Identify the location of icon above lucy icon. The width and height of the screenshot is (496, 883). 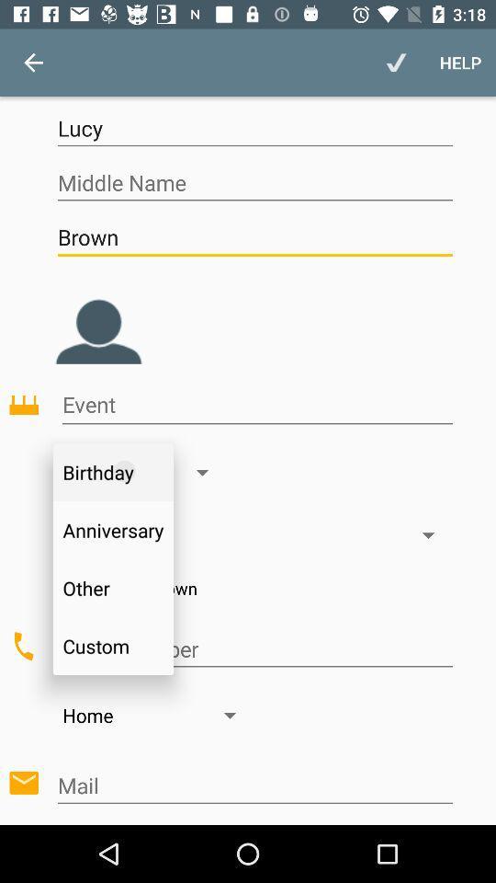
(459, 63).